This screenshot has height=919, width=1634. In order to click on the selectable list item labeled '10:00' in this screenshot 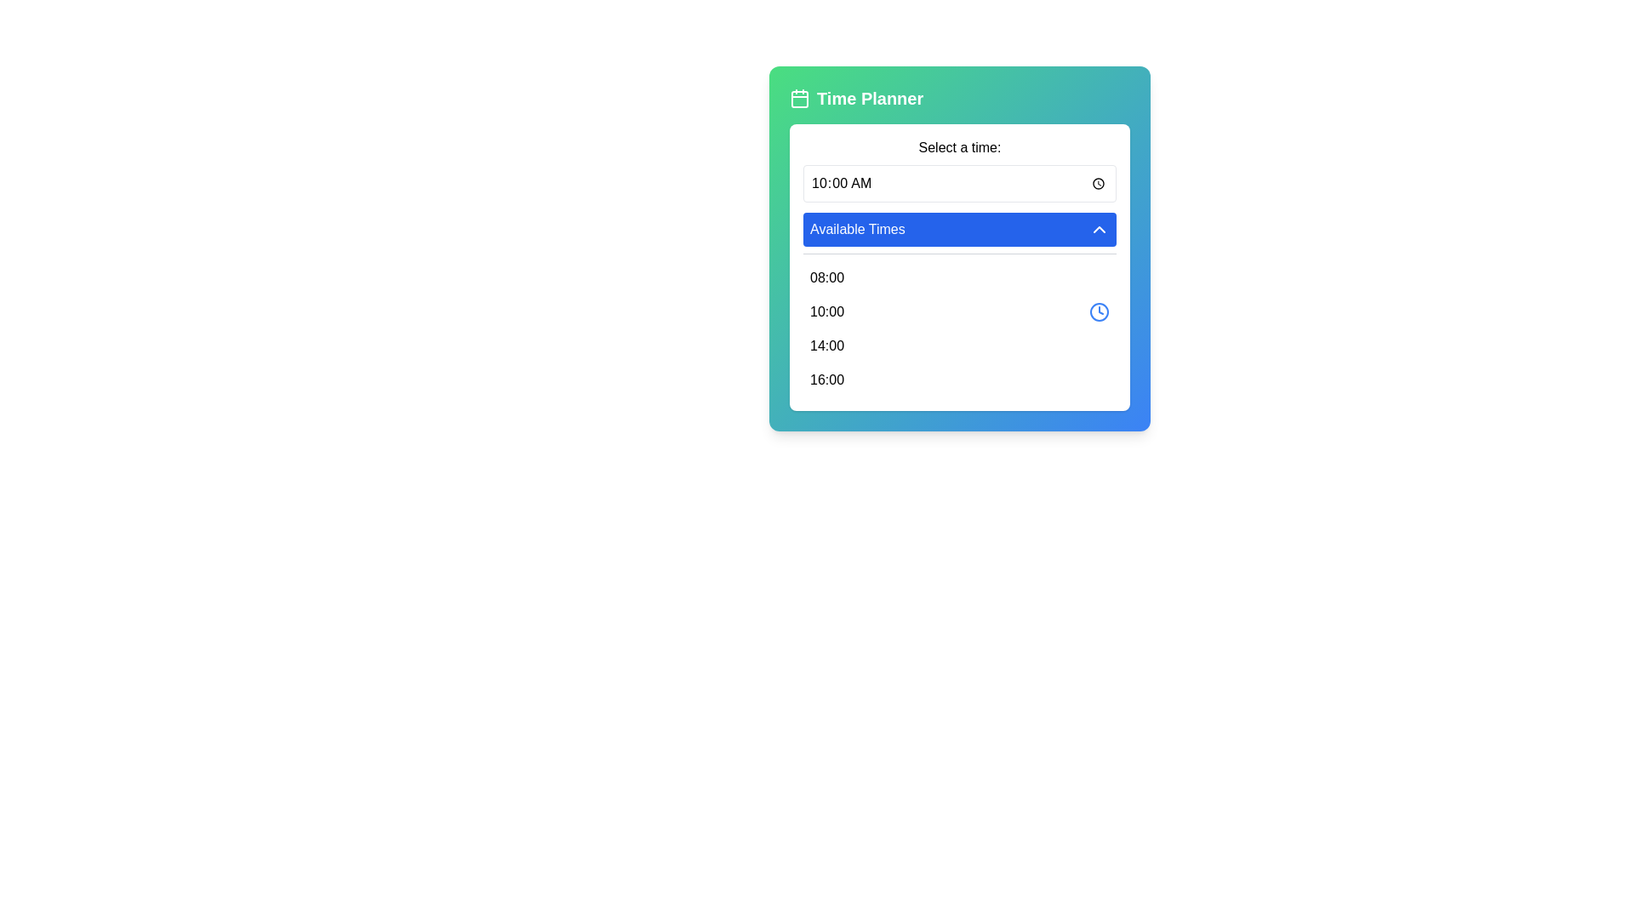, I will do `click(960, 311)`.